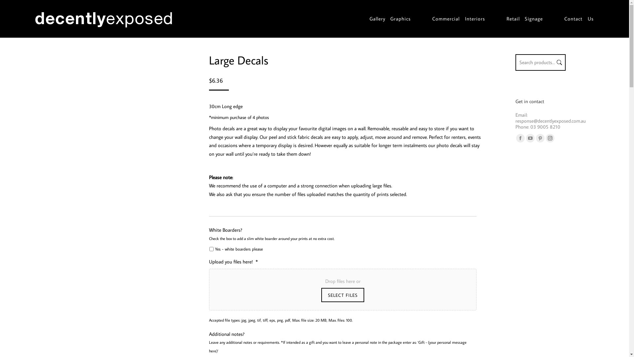  What do you see at coordinates (564, 19) in the screenshot?
I see `'Contact Us'` at bounding box center [564, 19].